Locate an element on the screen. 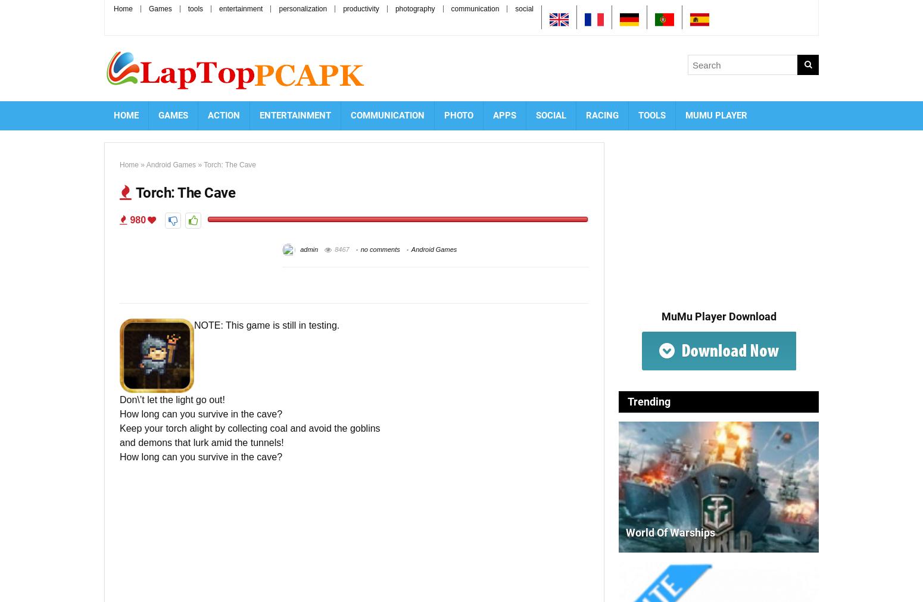 Image resolution: width=923 pixels, height=602 pixels. 'Keep your torch alight by collecting coal and avoid the goblins and demons that lurk amid the tunnels!' is located at coordinates (250, 435).